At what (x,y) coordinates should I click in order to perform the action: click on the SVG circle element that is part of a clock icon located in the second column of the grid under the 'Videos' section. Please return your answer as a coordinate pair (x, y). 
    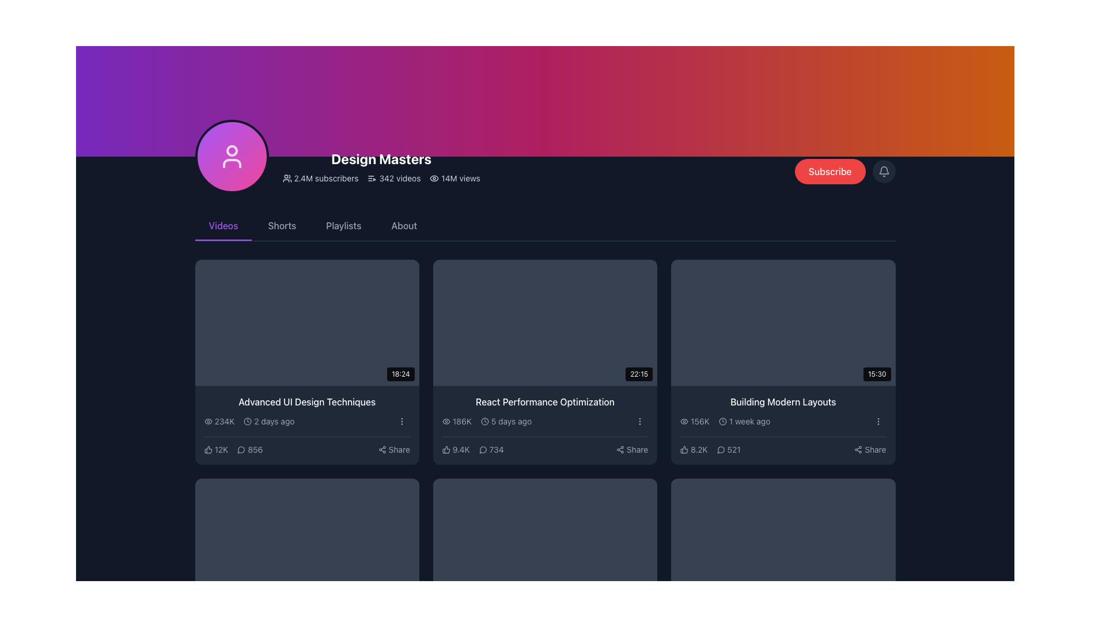
    Looking at the image, I should click on (484, 422).